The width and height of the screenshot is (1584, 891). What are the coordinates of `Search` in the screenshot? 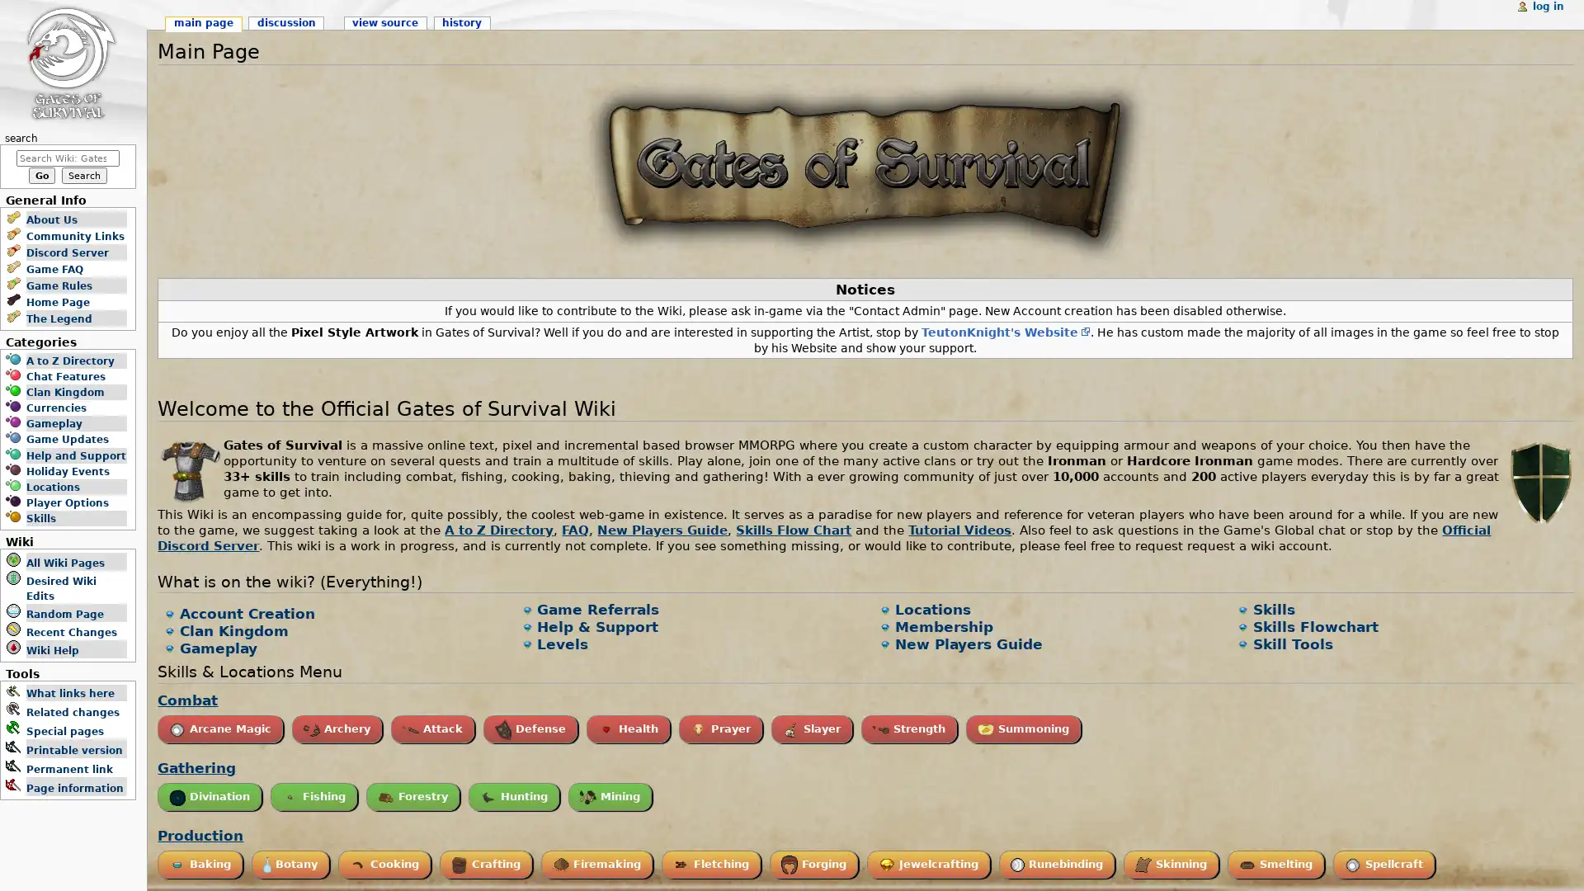 It's located at (83, 175).